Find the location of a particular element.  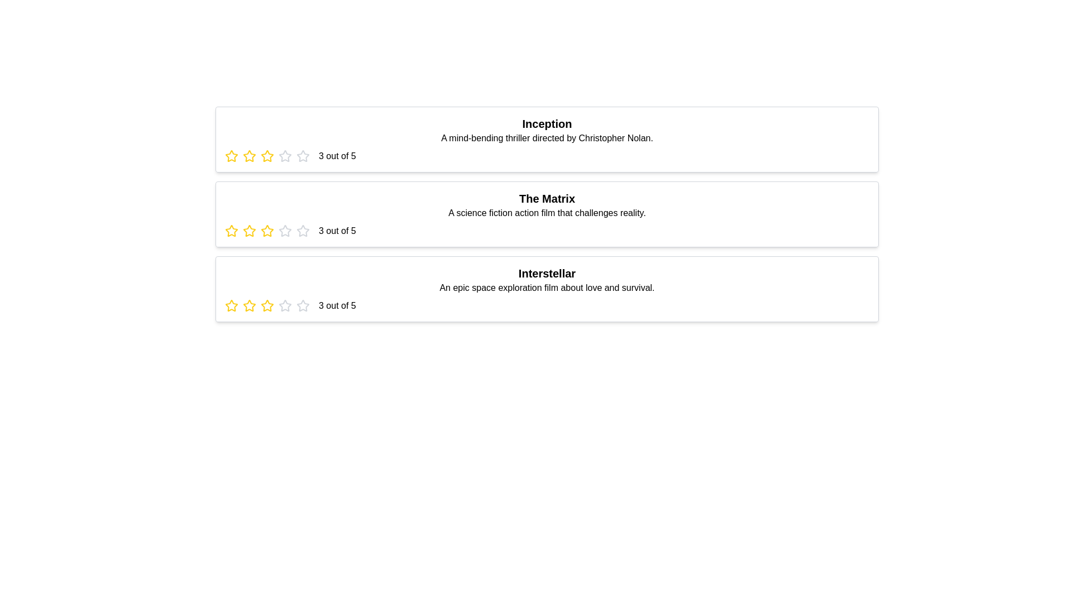

the star corresponding to 1 stars for the movie titled Interstellar is located at coordinates (231, 305).